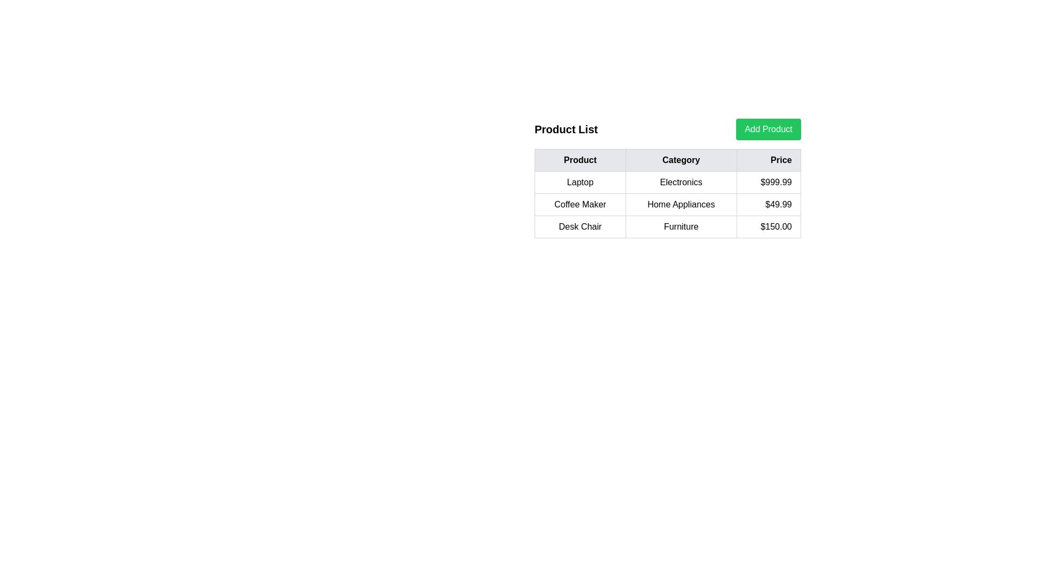  I want to click on the price label for the 'Coffee Maker' item located in the third column of the second row in the 'Product List' table, so click(768, 205).